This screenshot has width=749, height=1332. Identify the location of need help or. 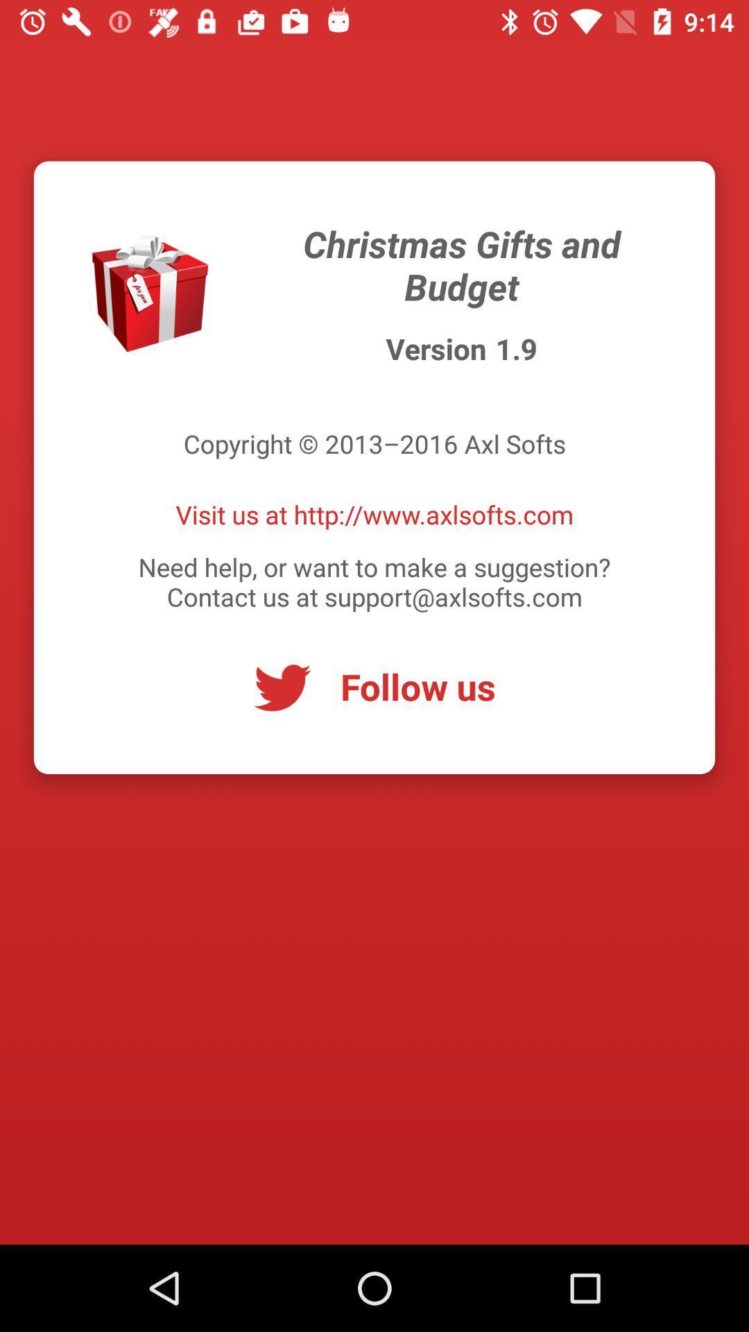
(374, 581).